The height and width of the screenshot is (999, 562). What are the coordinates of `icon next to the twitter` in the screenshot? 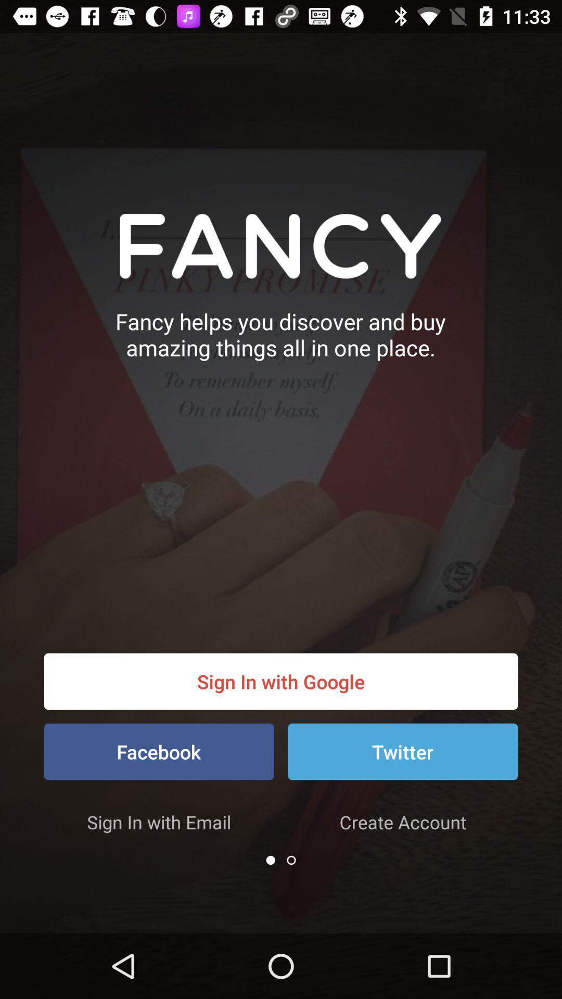 It's located at (159, 751).